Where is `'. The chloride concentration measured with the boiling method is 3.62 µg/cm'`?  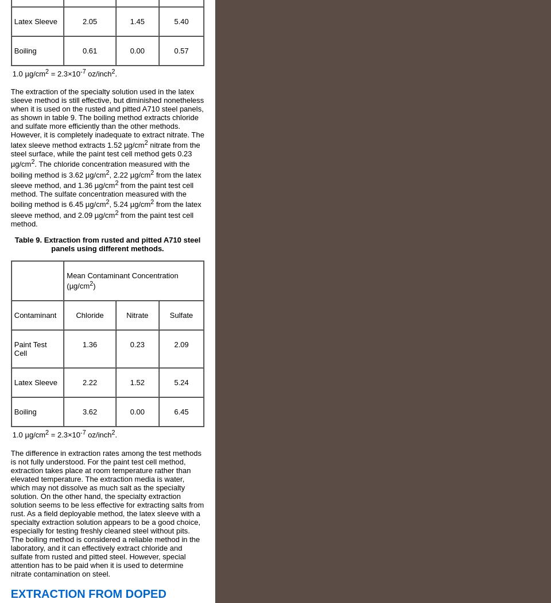
'. The chloride concentration measured with the boiling method is 3.62 µg/cm' is located at coordinates (99, 169).